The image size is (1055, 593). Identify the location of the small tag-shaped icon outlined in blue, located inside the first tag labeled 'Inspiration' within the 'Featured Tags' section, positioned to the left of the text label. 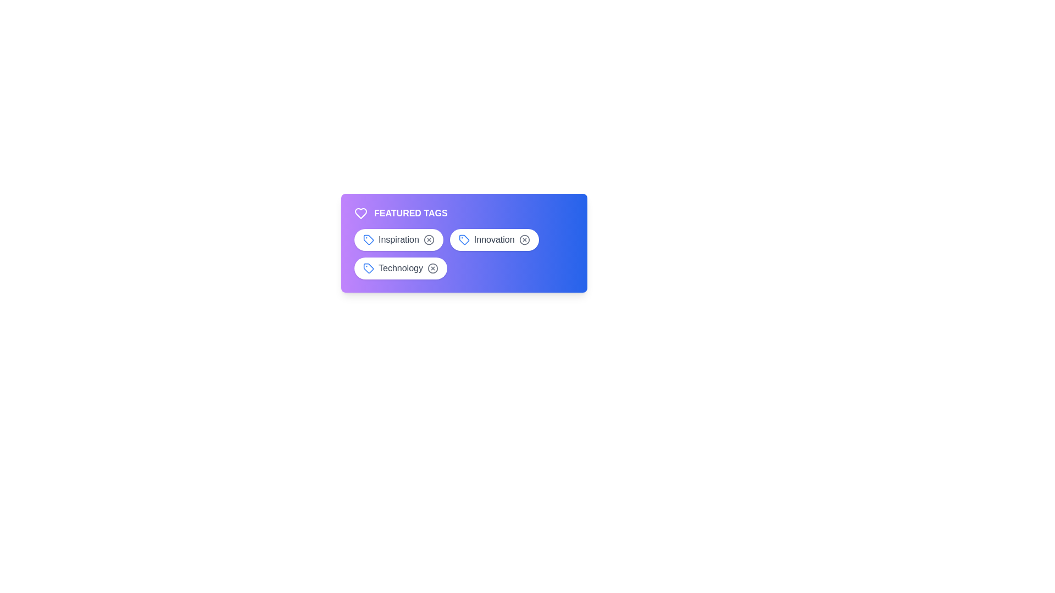
(369, 239).